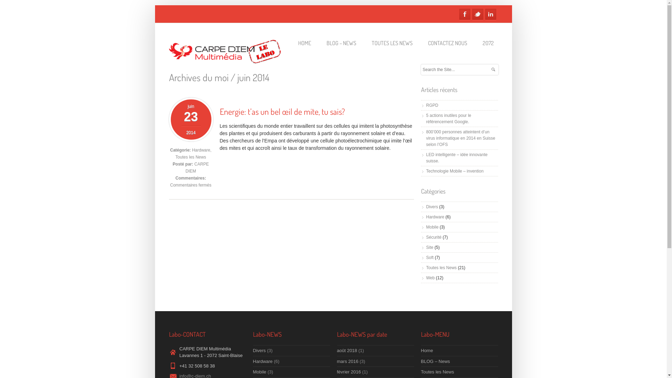  What do you see at coordinates (347, 361) in the screenshot?
I see `'mars 2016'` at bounding box center [347, 361].